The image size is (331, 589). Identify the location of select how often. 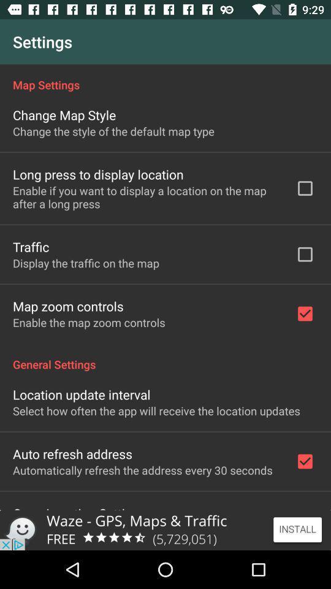
(156, 410).